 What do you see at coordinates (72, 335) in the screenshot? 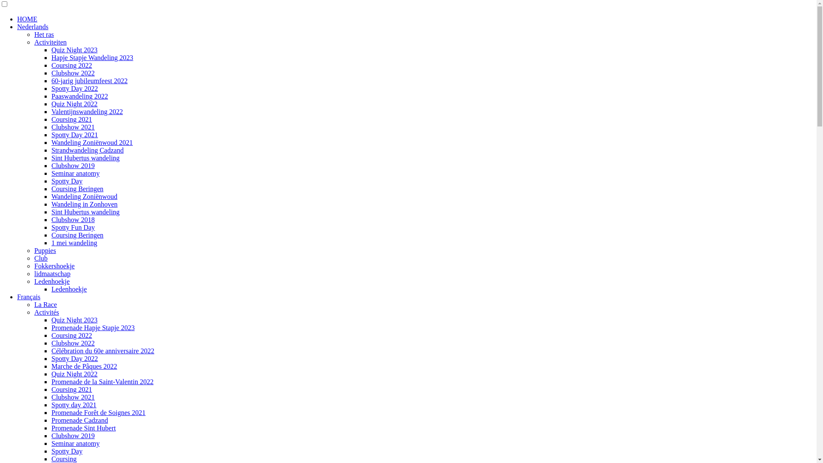
I see `'Coursing 2022'` at bounding box center [72, 335].